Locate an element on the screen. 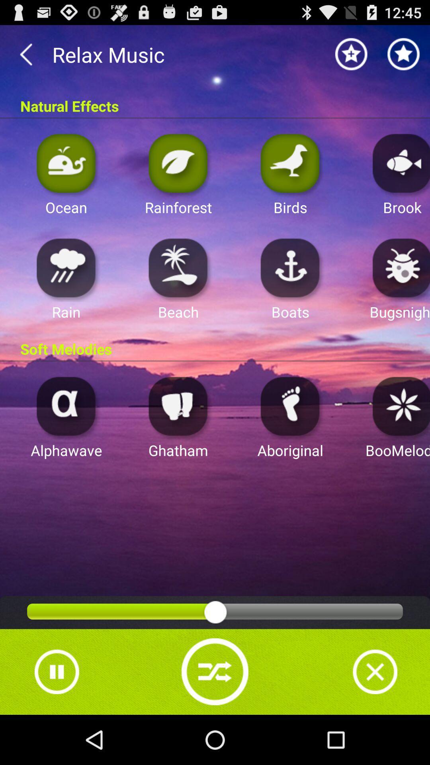 The image size is (430, 765). choose effect is located at coordinates (399, 406).